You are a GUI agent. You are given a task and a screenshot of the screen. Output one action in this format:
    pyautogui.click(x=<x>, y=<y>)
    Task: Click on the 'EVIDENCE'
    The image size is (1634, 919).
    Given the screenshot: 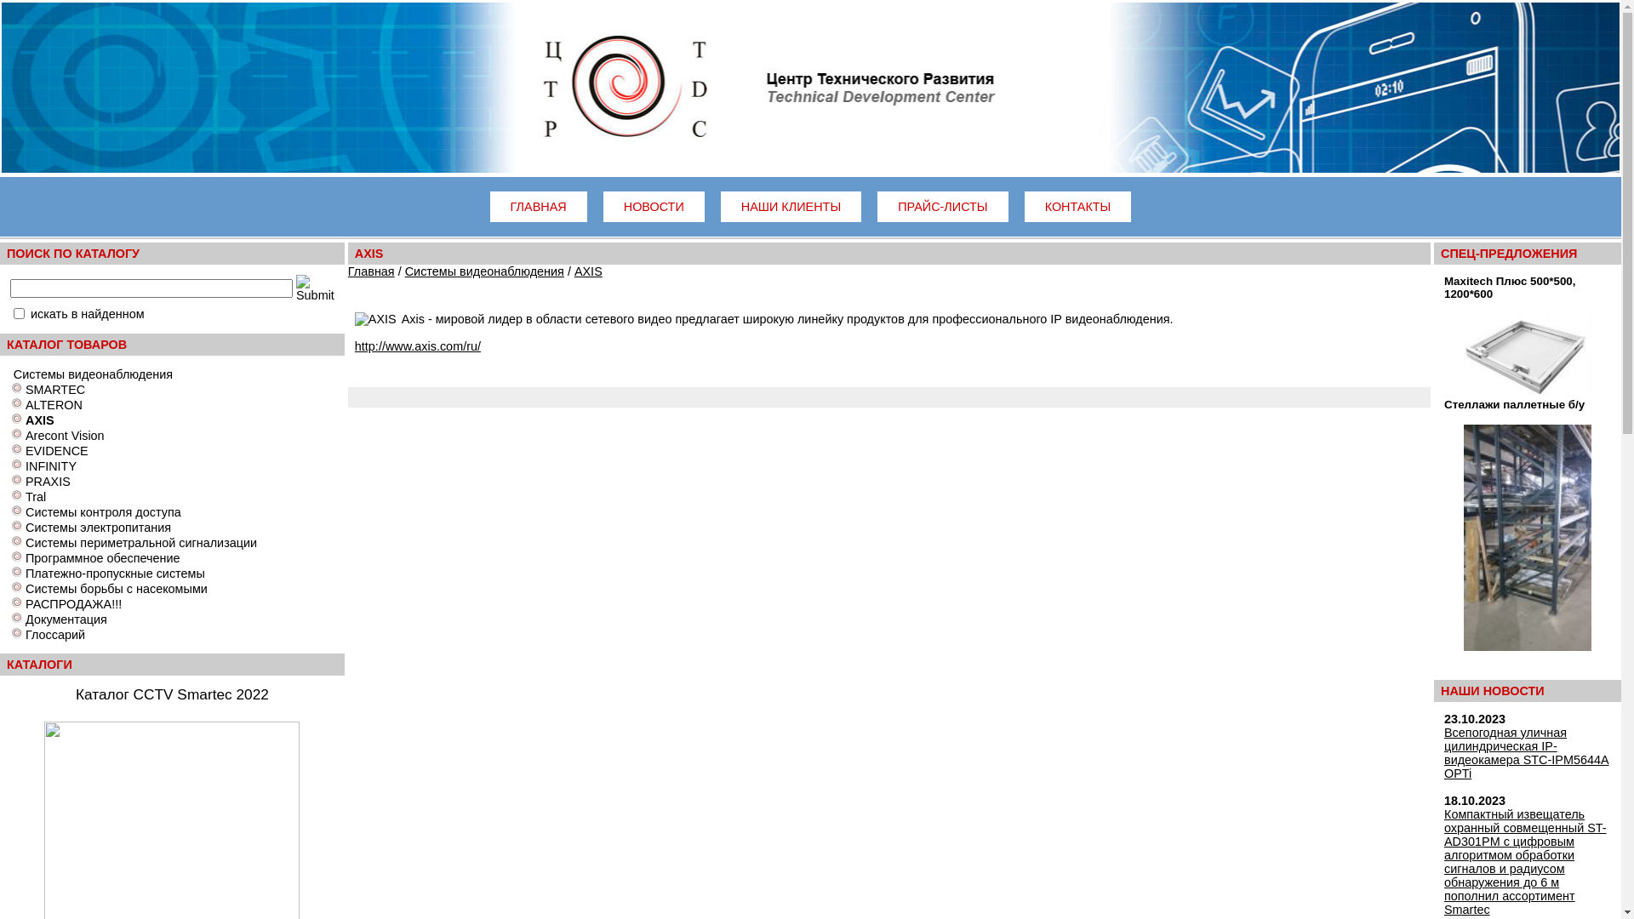 What is the action you would take?
    pyautogui.click(x=25, y=449)
    